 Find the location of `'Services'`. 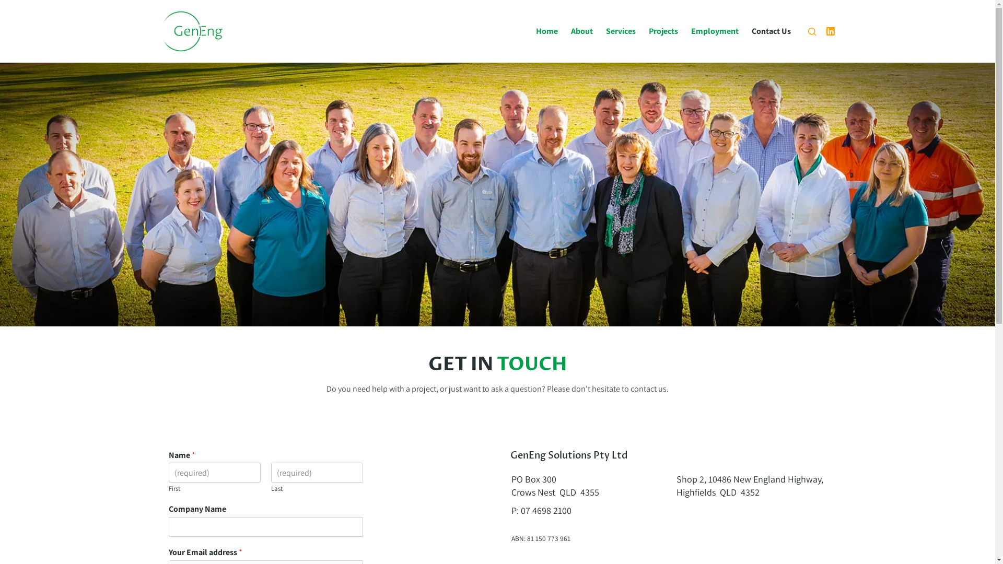

'Services' is located at coordinates (621, 31).